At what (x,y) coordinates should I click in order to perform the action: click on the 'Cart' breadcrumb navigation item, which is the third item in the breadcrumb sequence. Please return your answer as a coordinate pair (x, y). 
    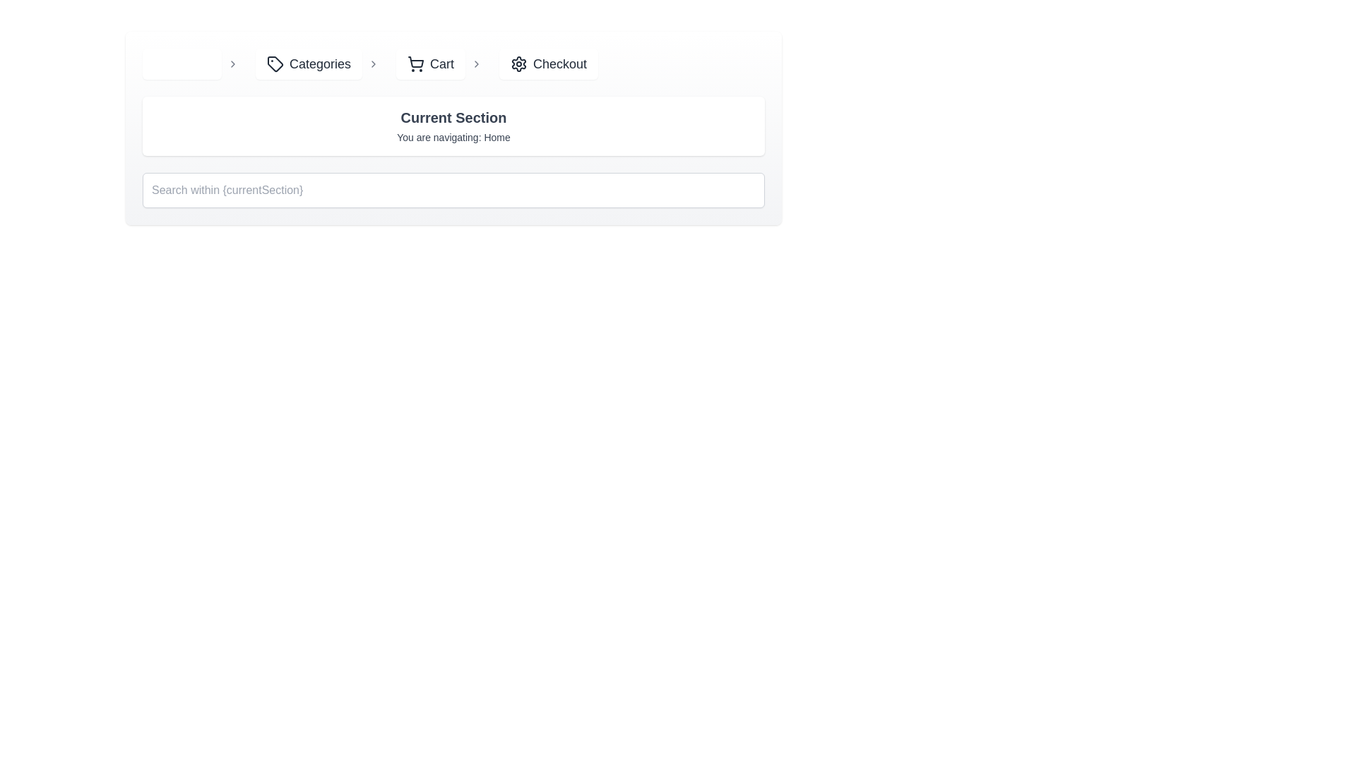
    Looking at the image, I should click on (453, 64).